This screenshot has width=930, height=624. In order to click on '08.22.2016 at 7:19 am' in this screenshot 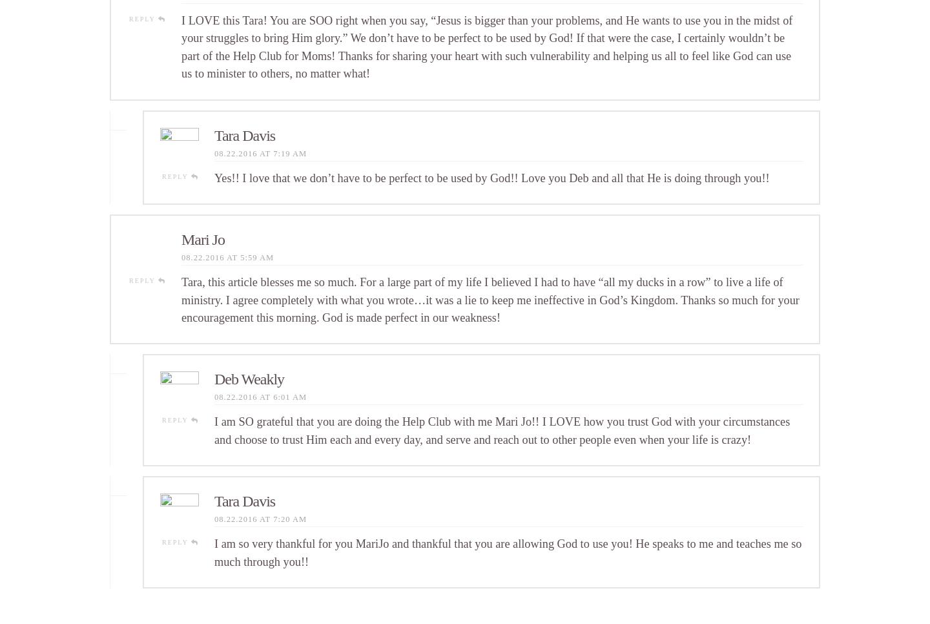, I will do `click(260, 152)`.